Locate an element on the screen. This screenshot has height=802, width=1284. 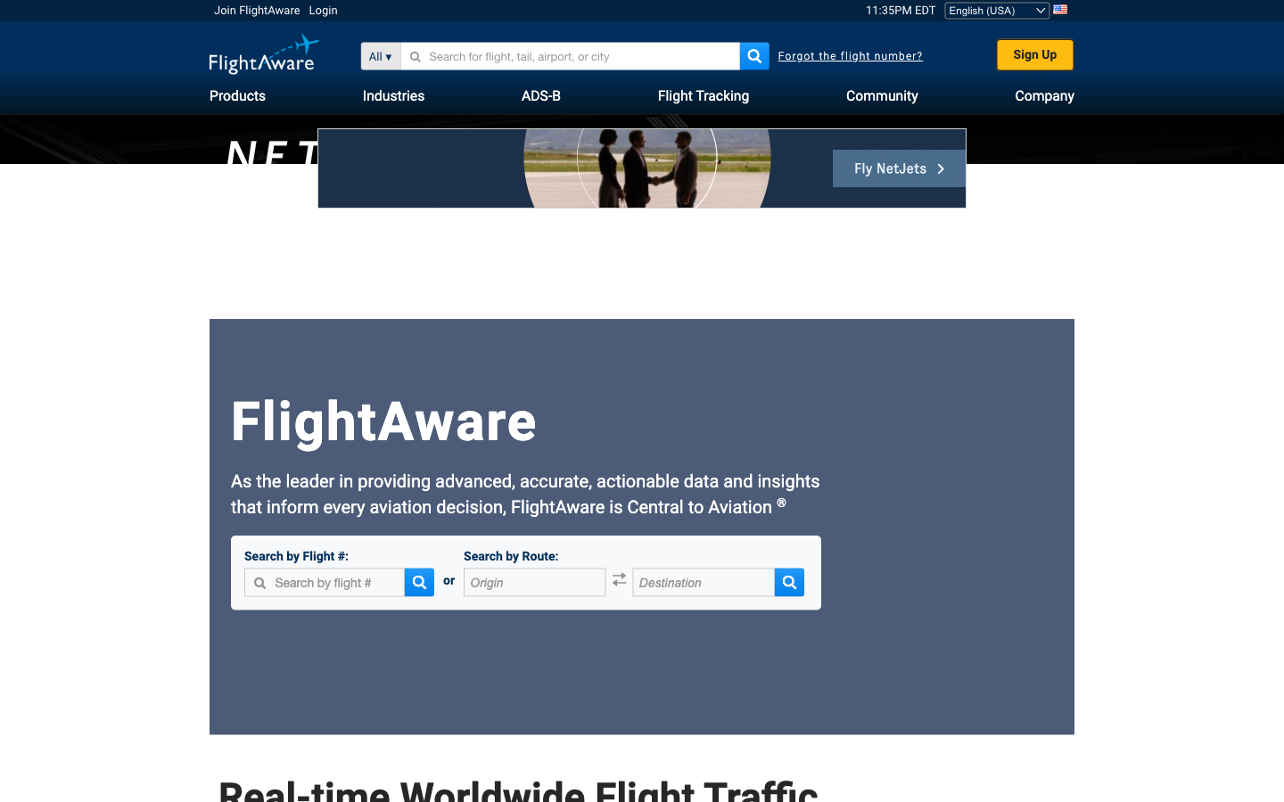
the second option from the language dropdown menu using the mouse is located at coordinates (997, 9).